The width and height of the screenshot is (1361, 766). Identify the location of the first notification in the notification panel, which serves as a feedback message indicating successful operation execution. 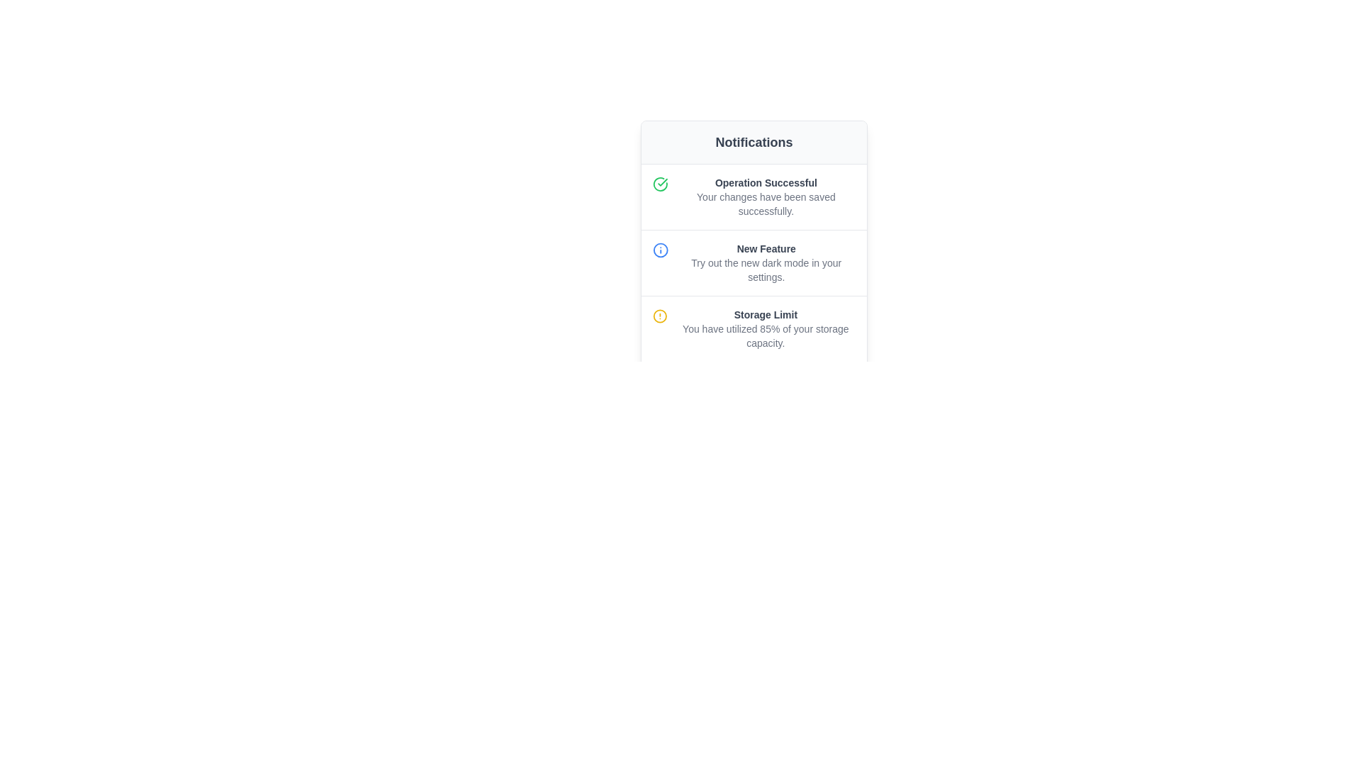
(765, 196).